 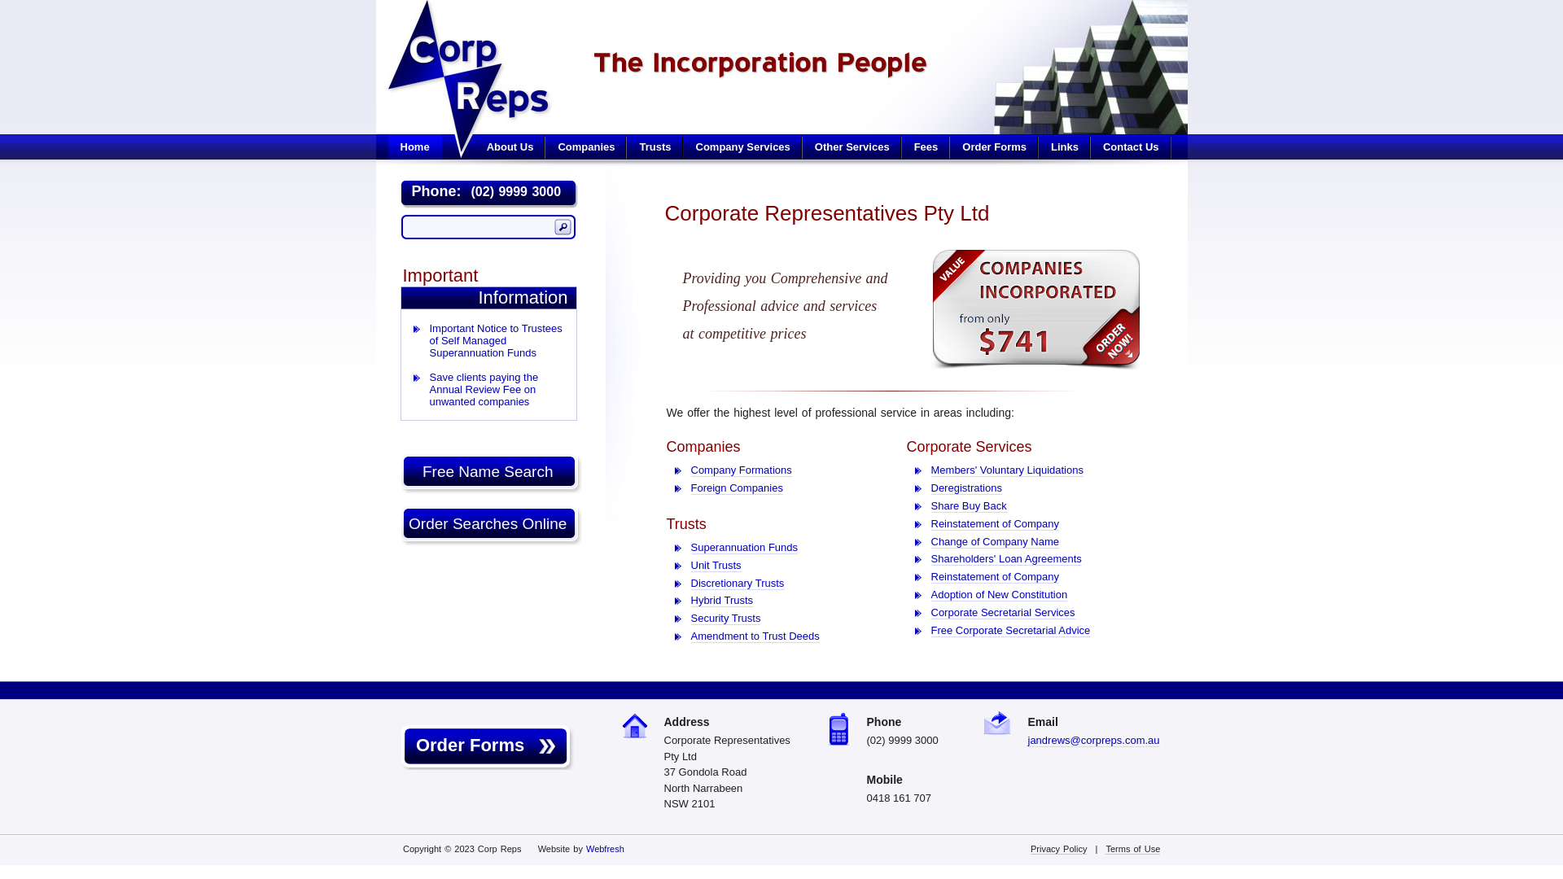 I want to click on 'About Us', so click(x=473, y=146).